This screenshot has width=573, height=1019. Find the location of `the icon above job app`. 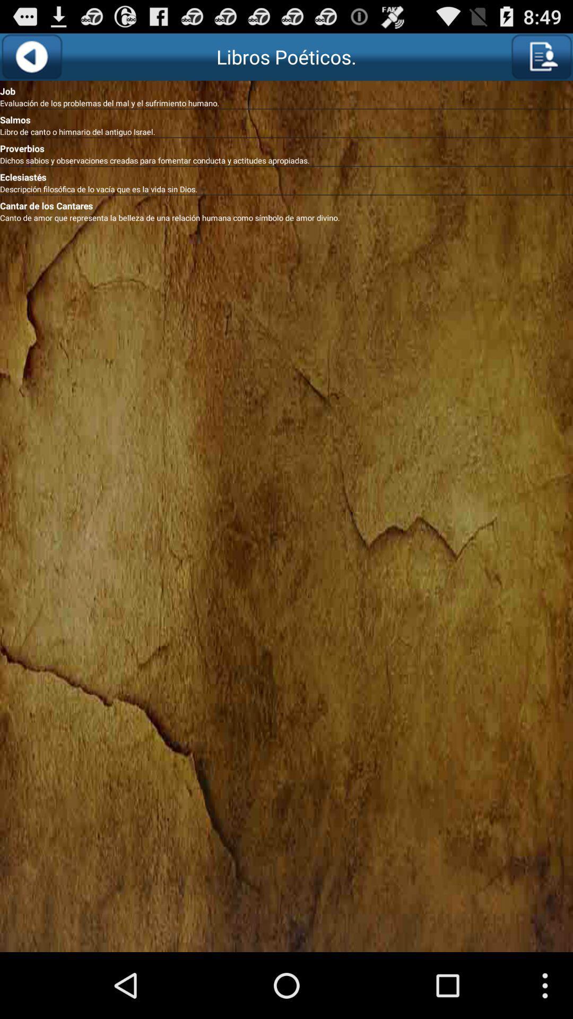

the icon above job app is located at coordinates (541, 56).